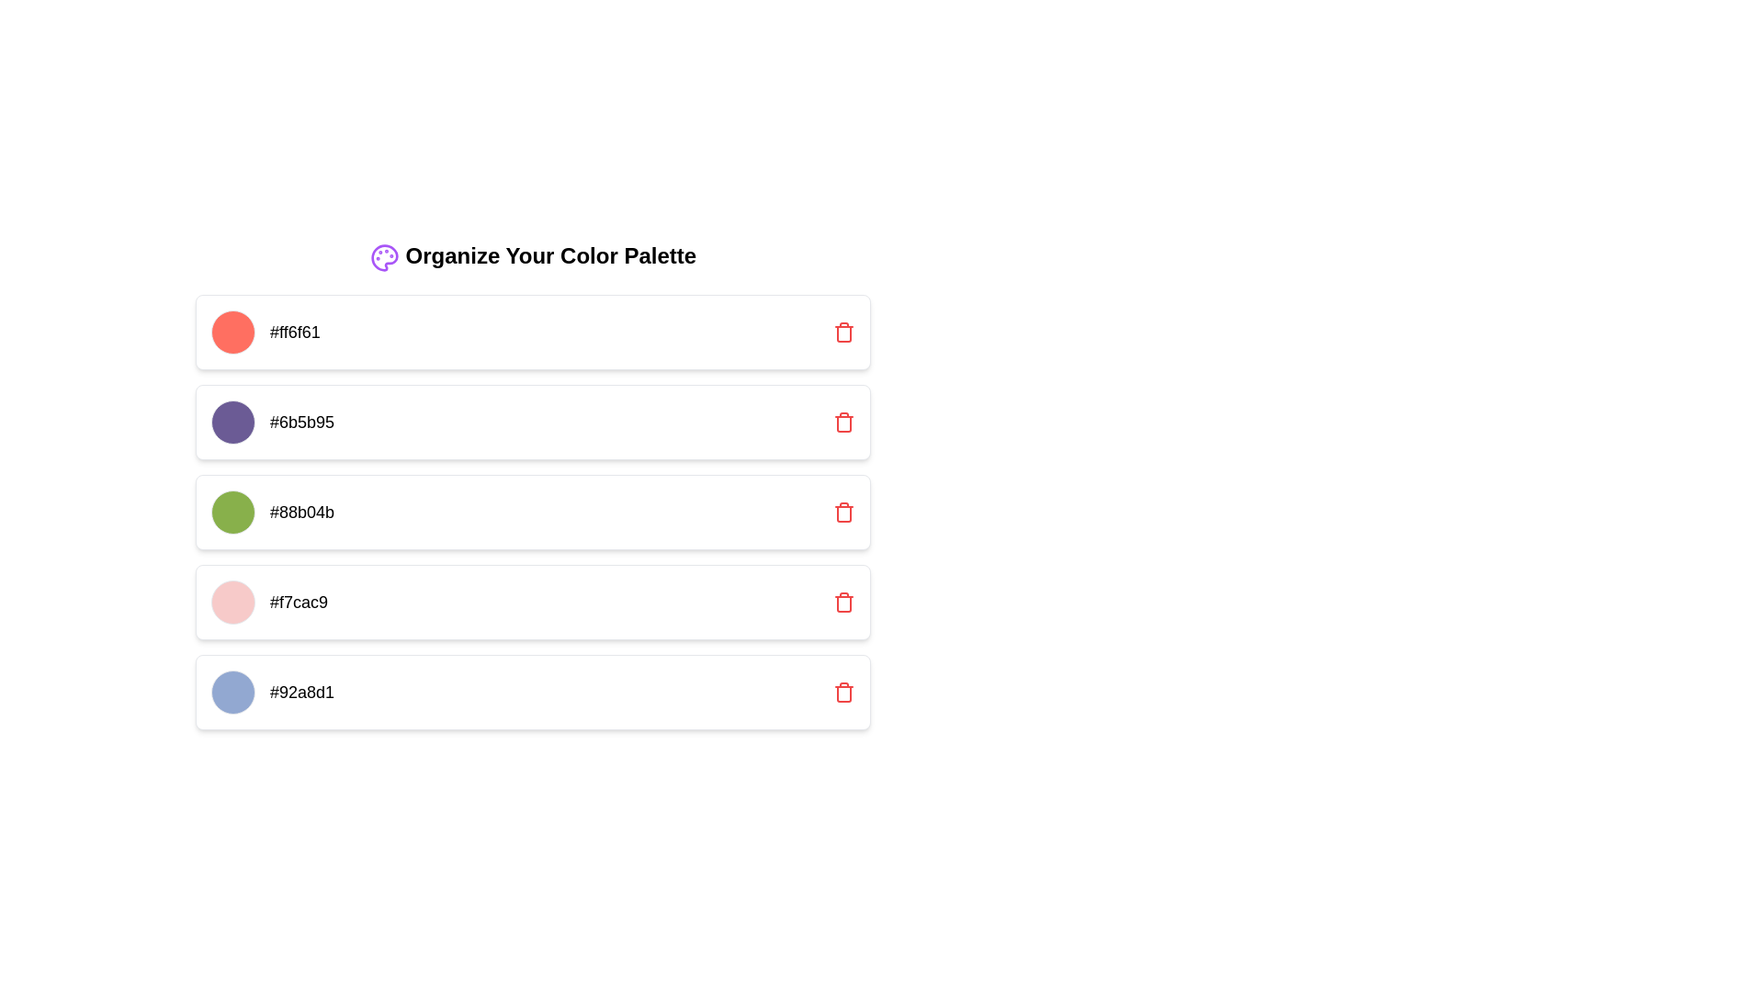 Image resolution: width=1764 pixels, height=992 pixels. What do you see at coordinates (302, 692) in the screenshot?
I see `text displaying the hexadecimal color code '#92a8d1', which is located in the last row of the color palette, adjacent to a circular color swatch and a delete button` at bounding box center [302, 692].